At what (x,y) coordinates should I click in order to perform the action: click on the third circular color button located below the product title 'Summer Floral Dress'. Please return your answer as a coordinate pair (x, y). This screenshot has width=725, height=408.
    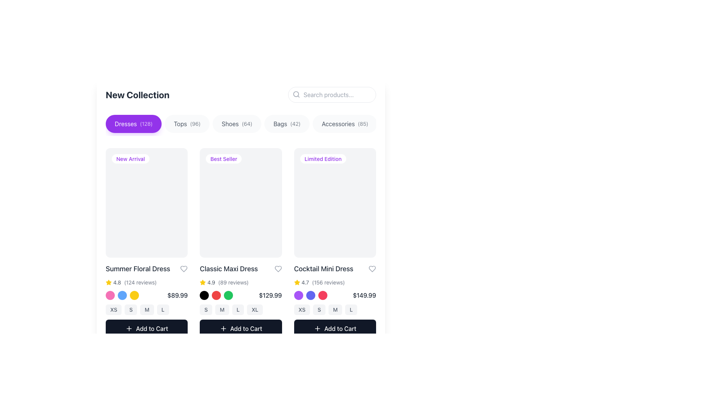
    Looking at the image, I should click on (134, 294).